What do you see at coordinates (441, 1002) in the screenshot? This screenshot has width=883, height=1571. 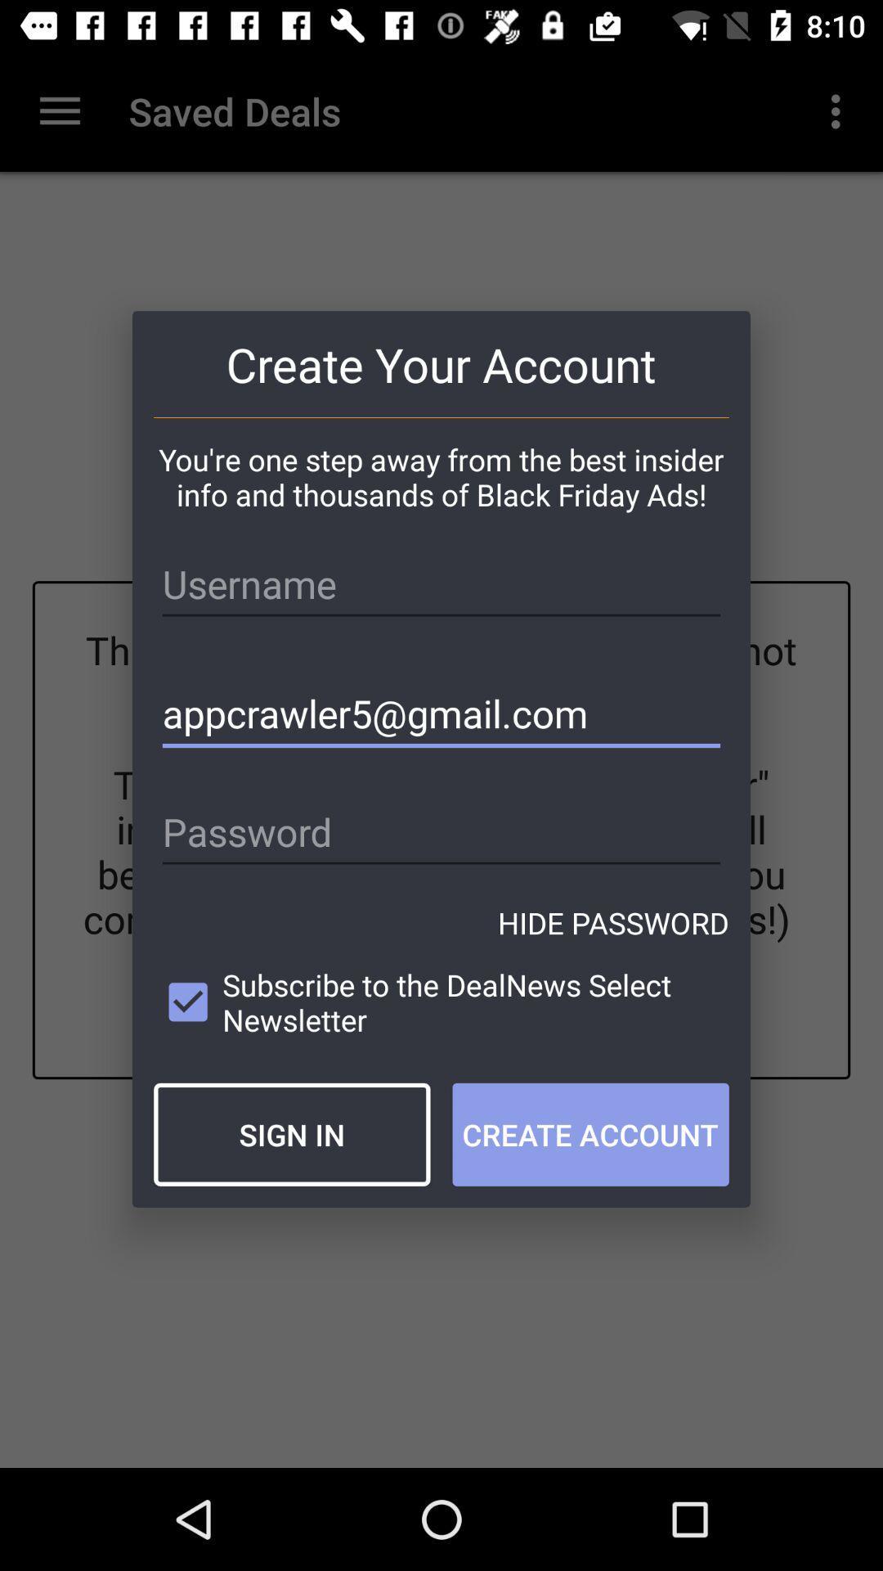 I see `the icon below the hide password item` at bounding box center [441, 1002].